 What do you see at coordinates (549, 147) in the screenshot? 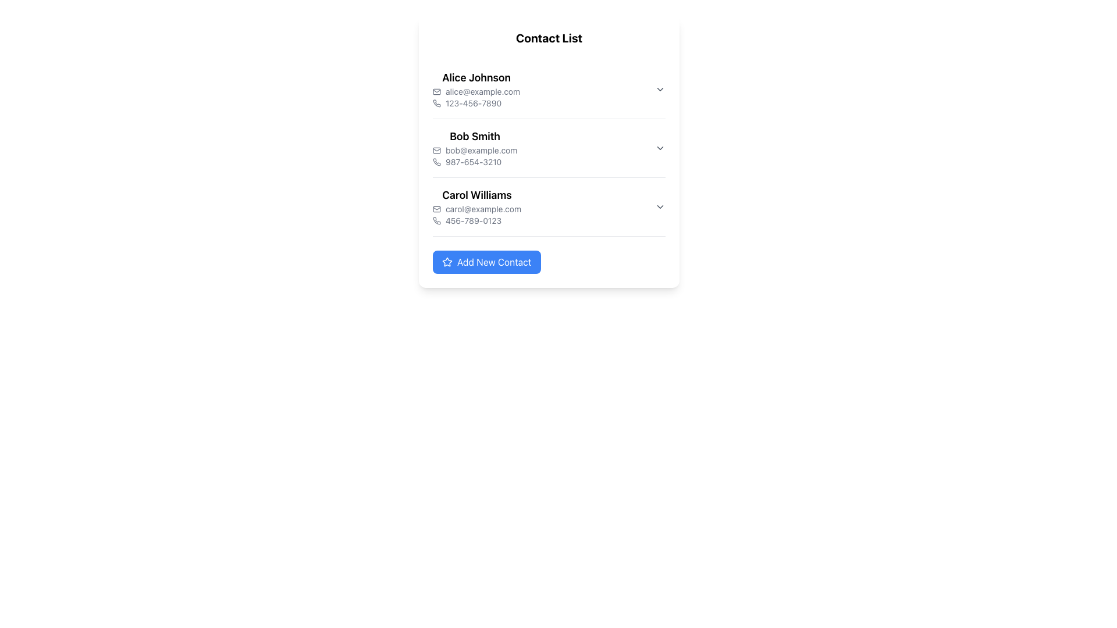
I see `the Contact Information Block displaying contact information for 'Bob Smith', which is the second entry in the list of contacts` at bounding box center [549, 147].